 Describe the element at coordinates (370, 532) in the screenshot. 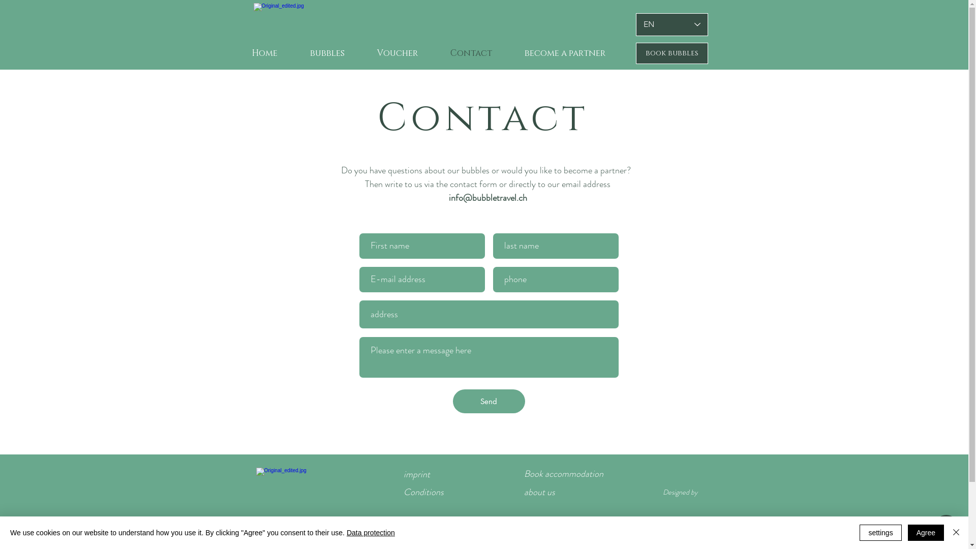

I see `'Data protection'` at that location.